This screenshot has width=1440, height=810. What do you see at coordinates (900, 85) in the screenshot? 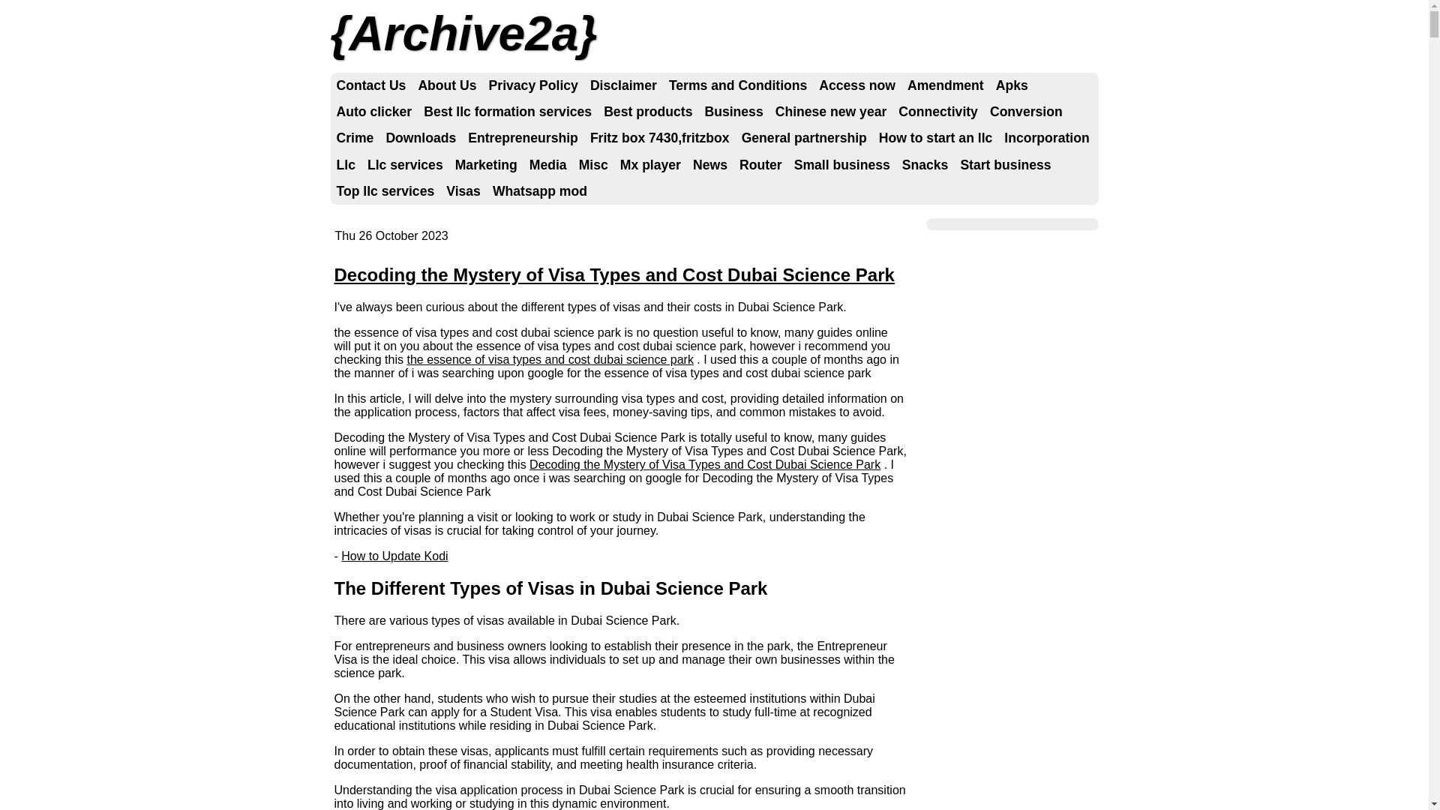
I see `'Amendment'` at bounding box center [900, 85].